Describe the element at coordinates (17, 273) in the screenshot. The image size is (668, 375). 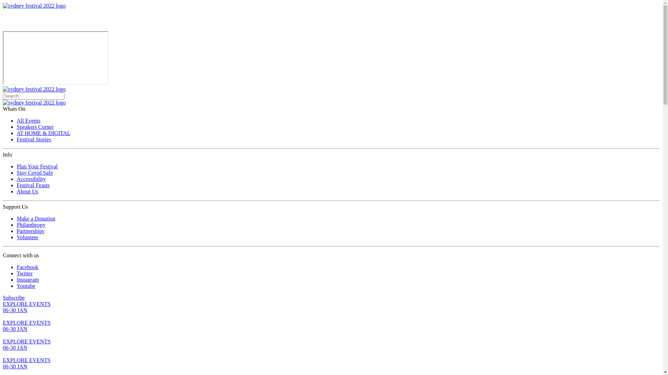
I see `'Twitter'` at that location.